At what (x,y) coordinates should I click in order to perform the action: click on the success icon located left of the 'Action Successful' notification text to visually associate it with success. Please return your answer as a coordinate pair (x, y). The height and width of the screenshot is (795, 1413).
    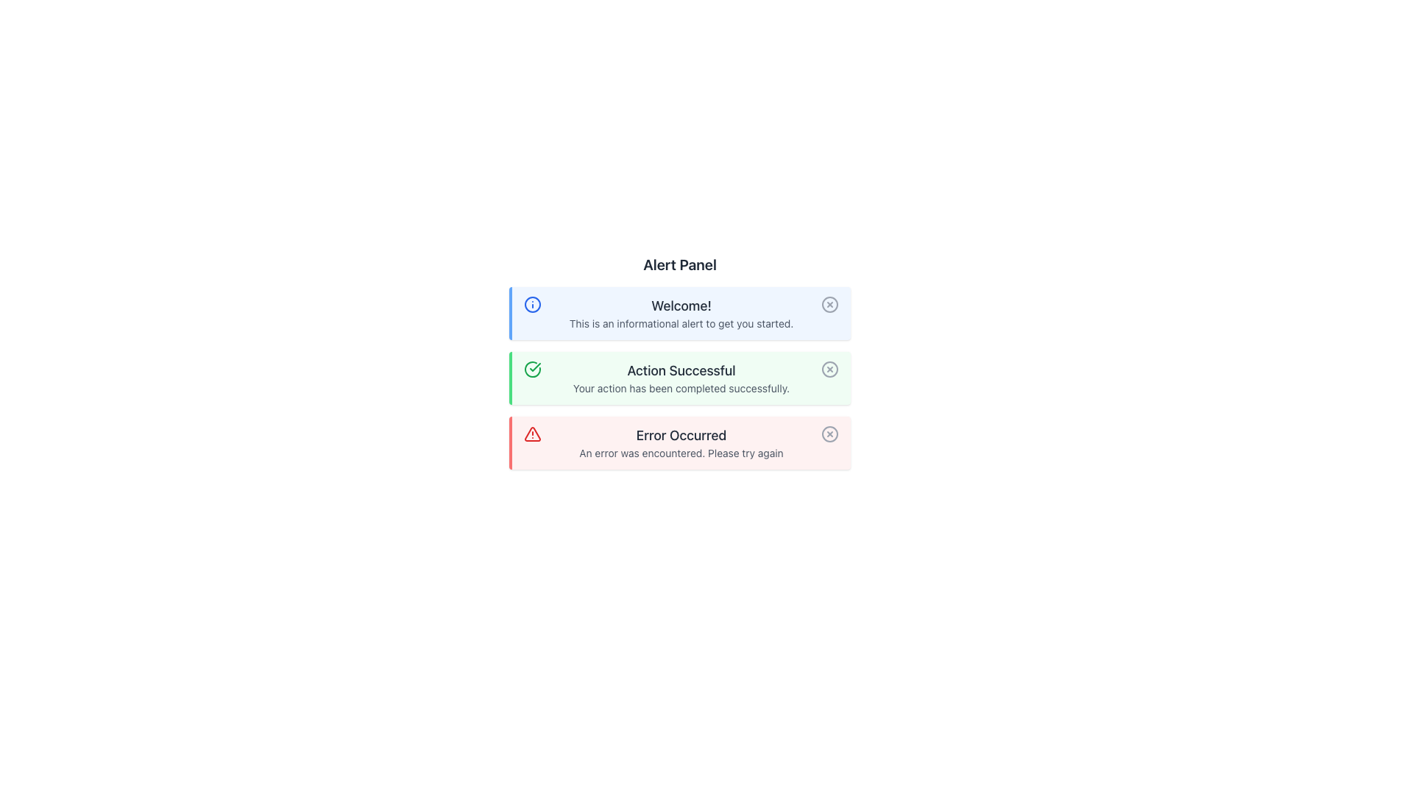
    Looking at the image, I should click on (532, 368).